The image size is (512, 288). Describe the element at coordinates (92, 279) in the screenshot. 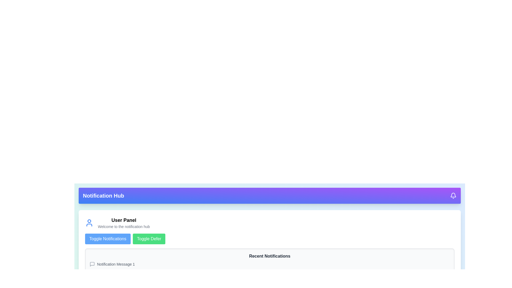

I see `the message indicator icon located near the bottom of the user interface, adjacent` at that location.